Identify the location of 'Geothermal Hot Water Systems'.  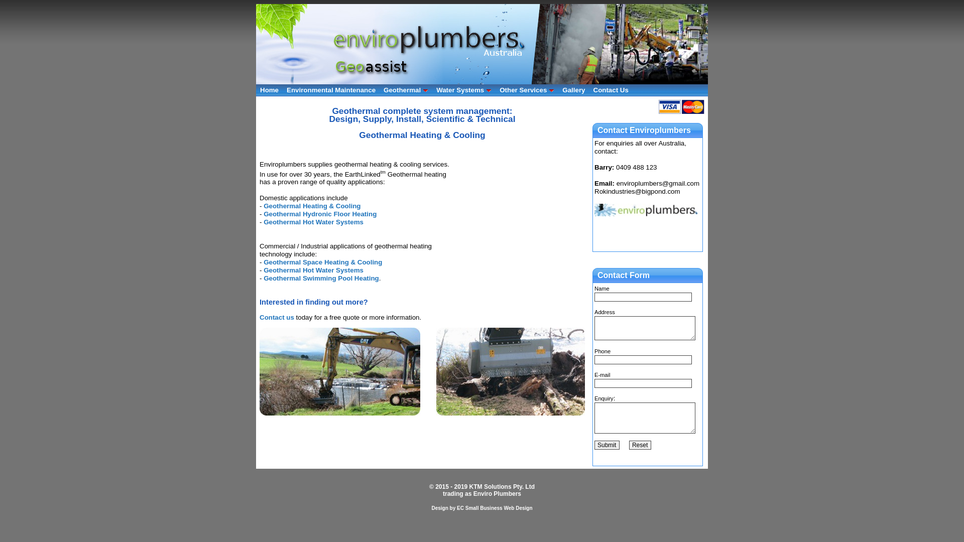
(313, 269).